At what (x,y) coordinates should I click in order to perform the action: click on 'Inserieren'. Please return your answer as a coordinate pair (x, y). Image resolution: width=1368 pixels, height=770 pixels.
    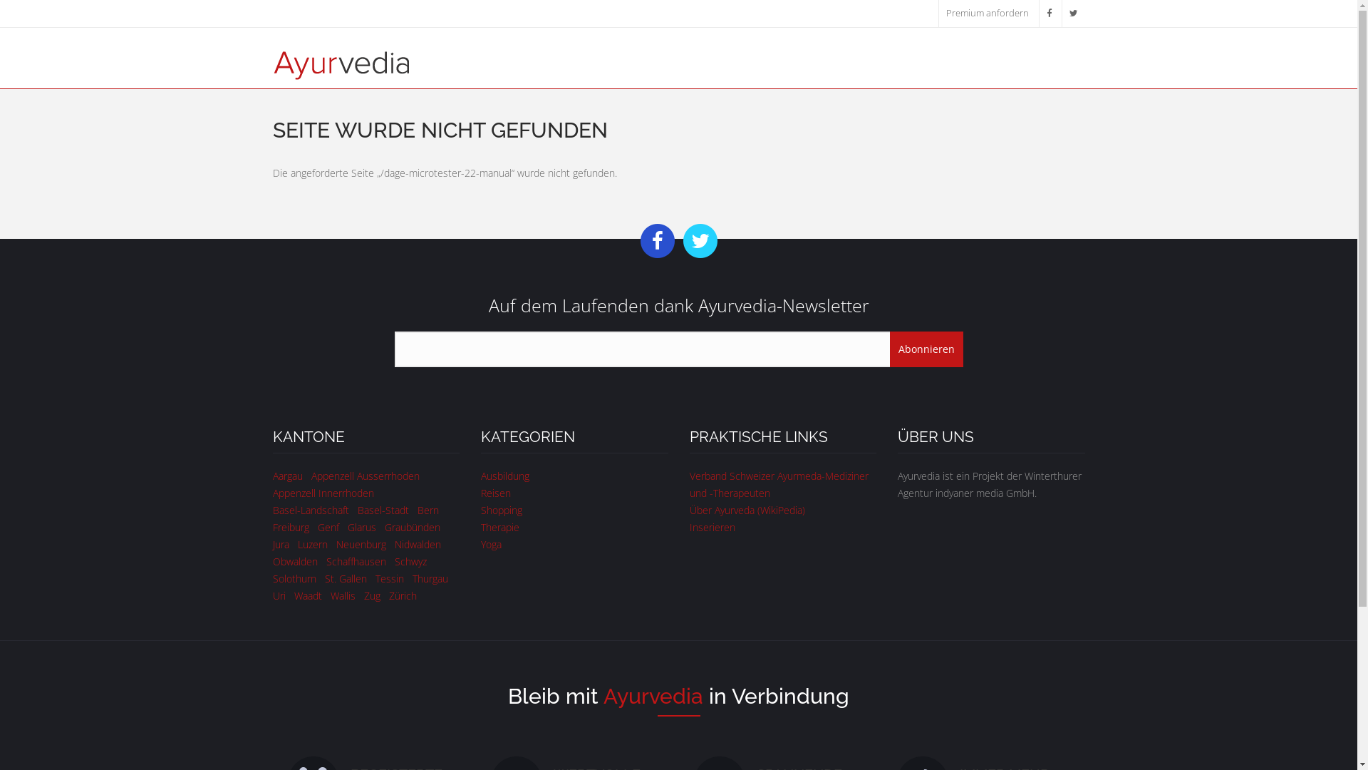
    Looking at the image, I should click on (690, 527).